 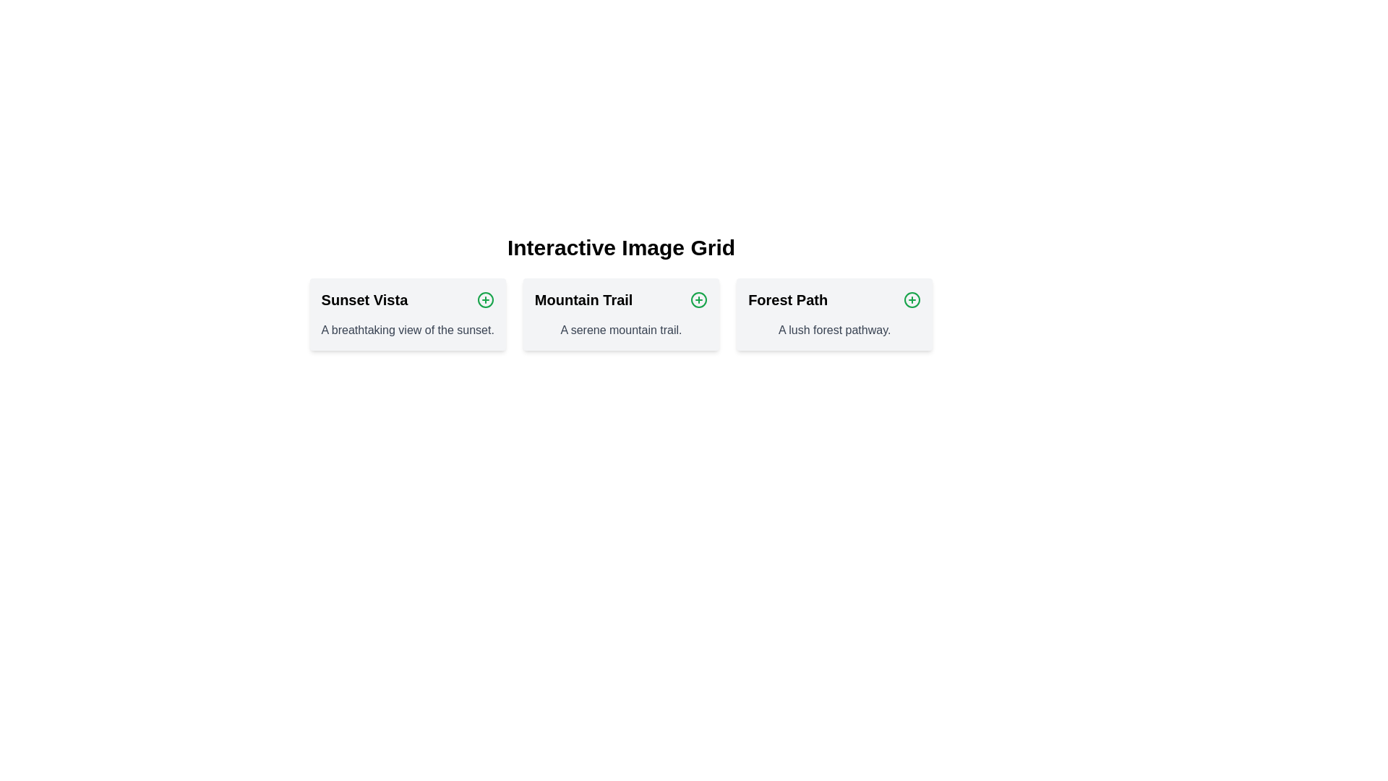 What do you see at coordinates (621, 314) in the screenshot?
I see `the card labeled 'Mountain Trail' in the grid layout` at bounding box center [621, 314].